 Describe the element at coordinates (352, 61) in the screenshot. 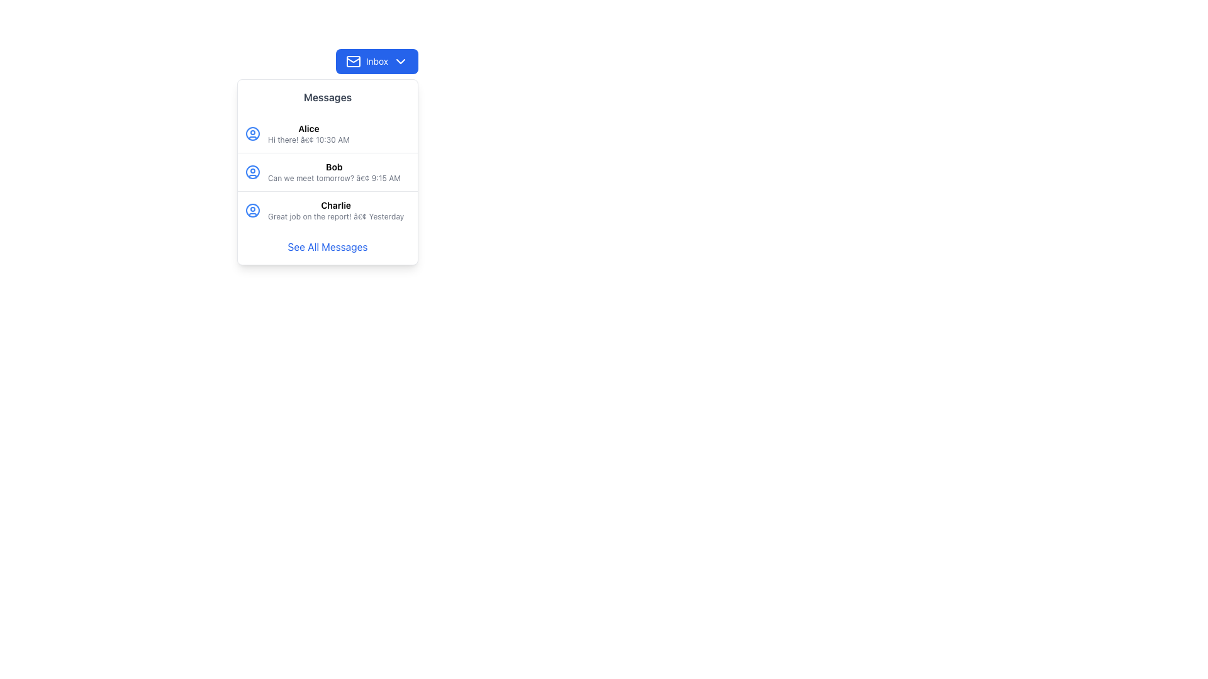

I see `the mail icon, which is a white outlined envelope icon against a blue background, located to the left of the 'Inbox' button in the top-right area of the interface` at that location.